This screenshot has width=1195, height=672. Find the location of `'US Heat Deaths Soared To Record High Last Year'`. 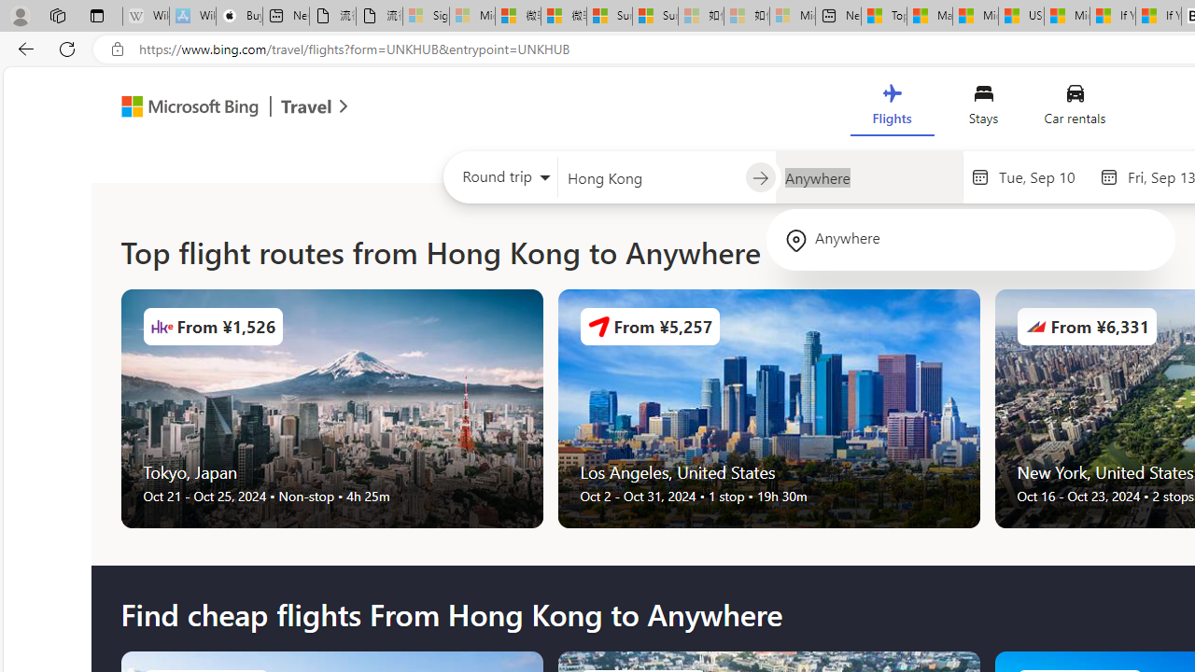

'US Heat Deaths Soared To Record High Last Year' is located at coordinates (1019, 16).